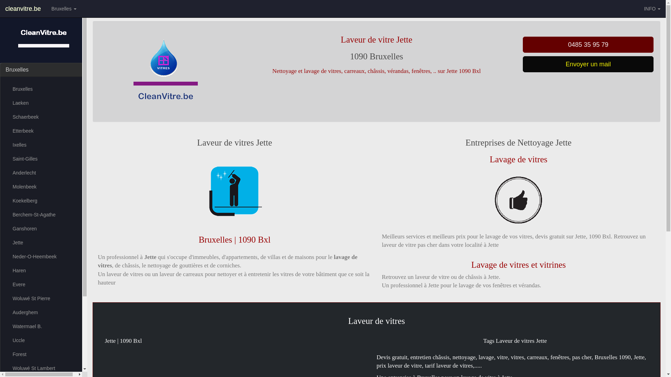 The image size is (671, 377). What do you see at coordinates (43, 270) in the screenshot?
I see `'Haren'` at bounding box center [43, 270].